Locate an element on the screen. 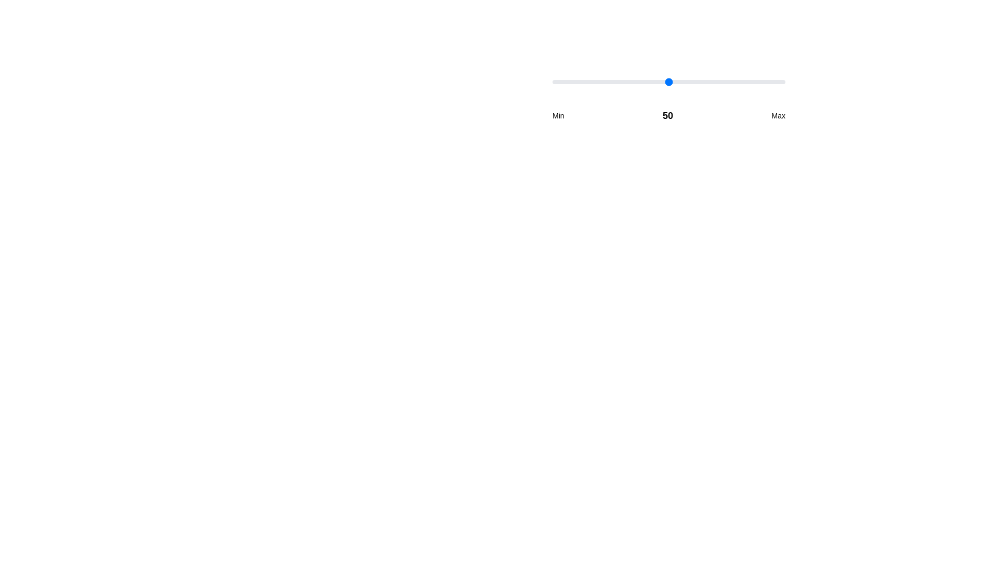  the slider is located at coordinates (633, 82).